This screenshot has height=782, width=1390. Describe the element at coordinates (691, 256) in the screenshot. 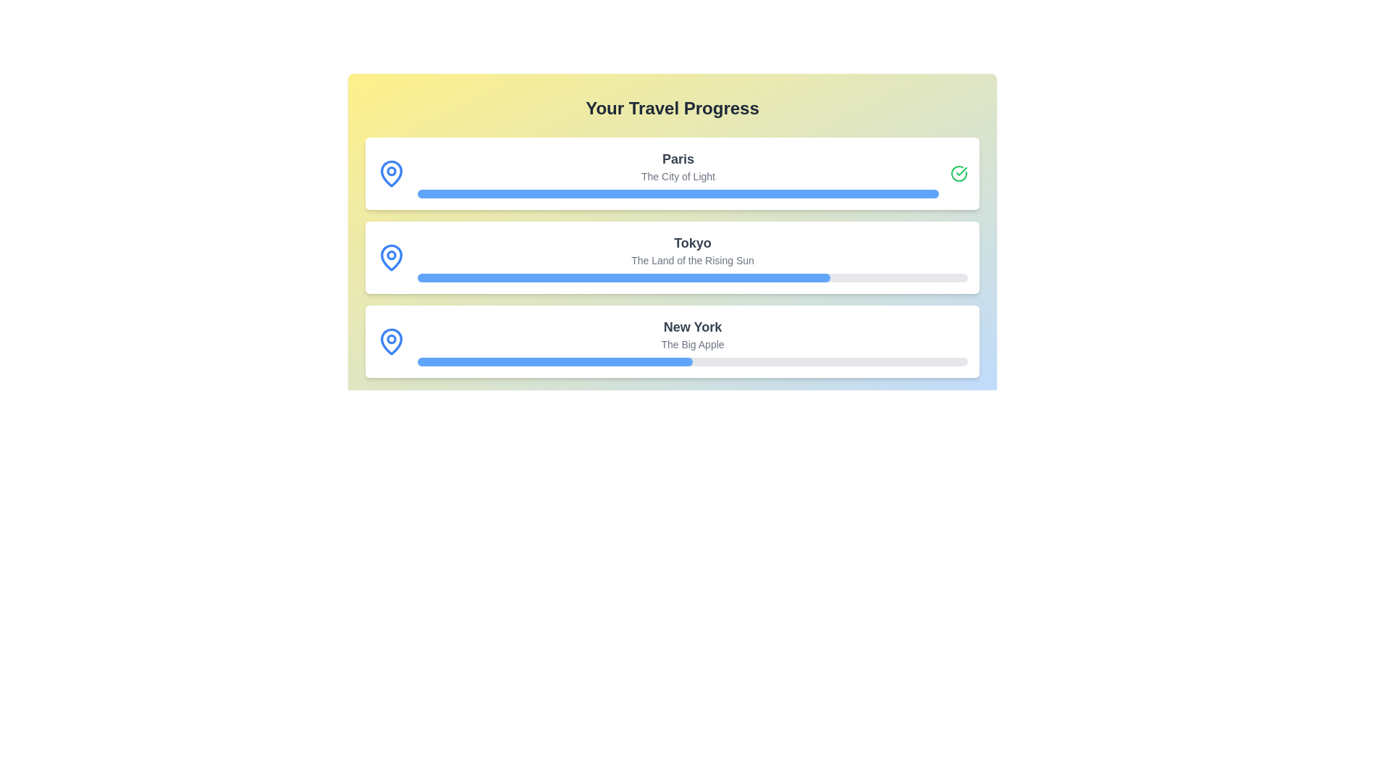

I see `the composite element titled 'Tokyo' that displays a progress bar and text content` at that location.